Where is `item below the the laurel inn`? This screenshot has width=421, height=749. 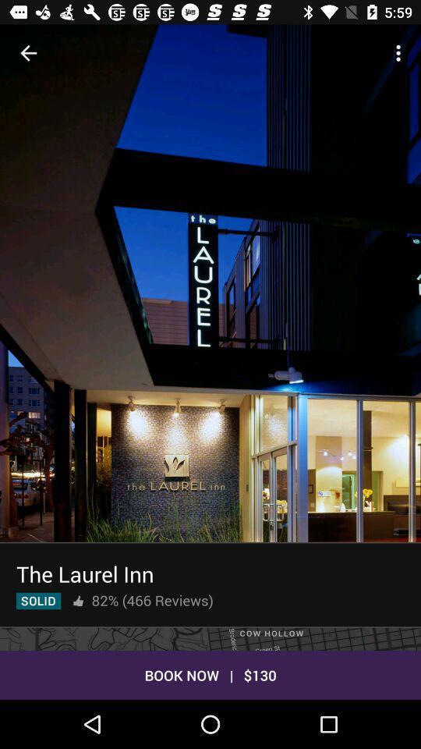
item below the the laurel inn is located at coordinates (152, 599).